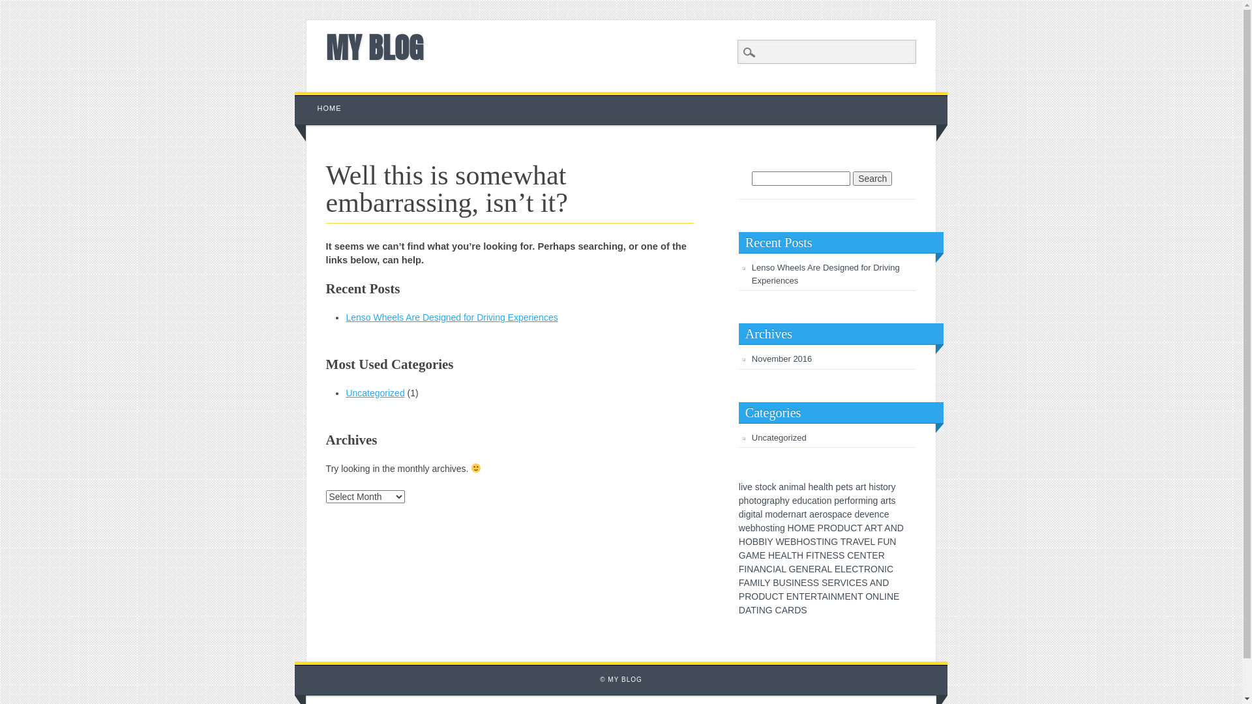  I want to click on 'E', so click(835, 568).